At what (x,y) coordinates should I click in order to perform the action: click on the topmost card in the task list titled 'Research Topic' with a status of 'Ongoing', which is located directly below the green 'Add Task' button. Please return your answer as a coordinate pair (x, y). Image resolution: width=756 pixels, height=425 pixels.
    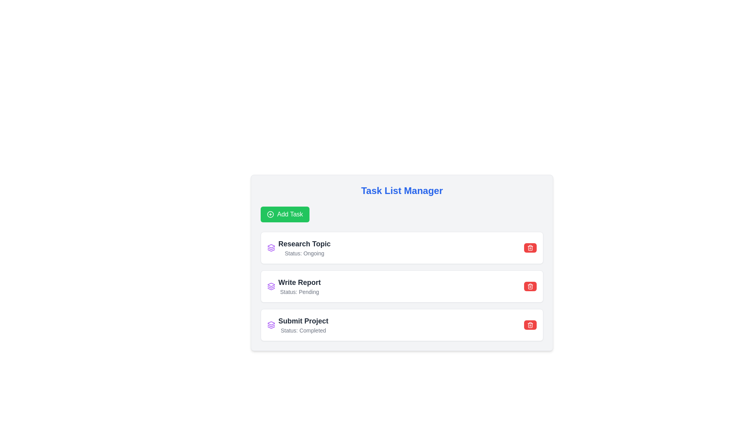
    Looking at the image, I should click on (402, 247).